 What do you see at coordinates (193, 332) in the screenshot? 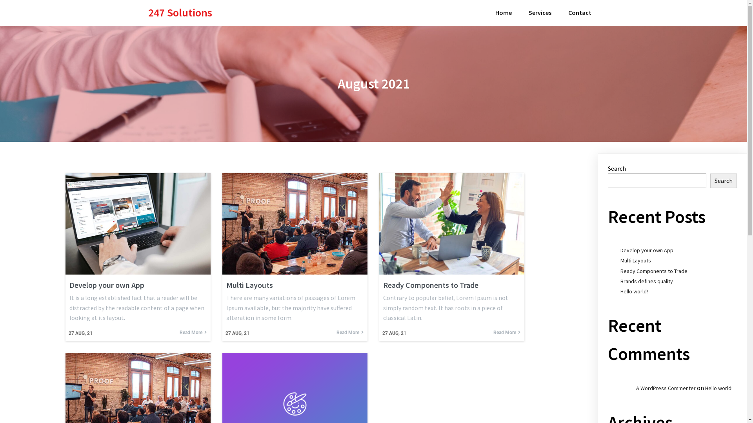
I see `'Read More'` at bounding box center [193, 332].